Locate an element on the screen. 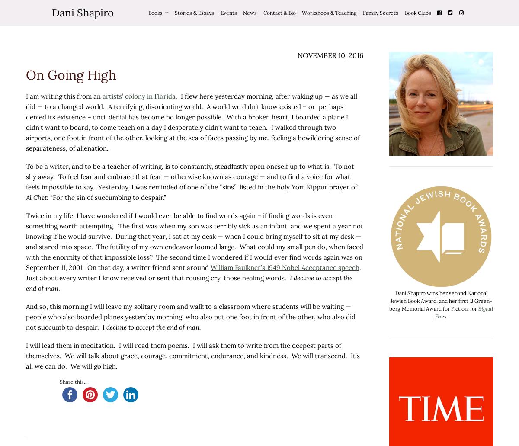 The image size is (519, 446). 'William Faulkner’s 1949 Nobel Acceptance speech' is located at coordinates (285, 267).